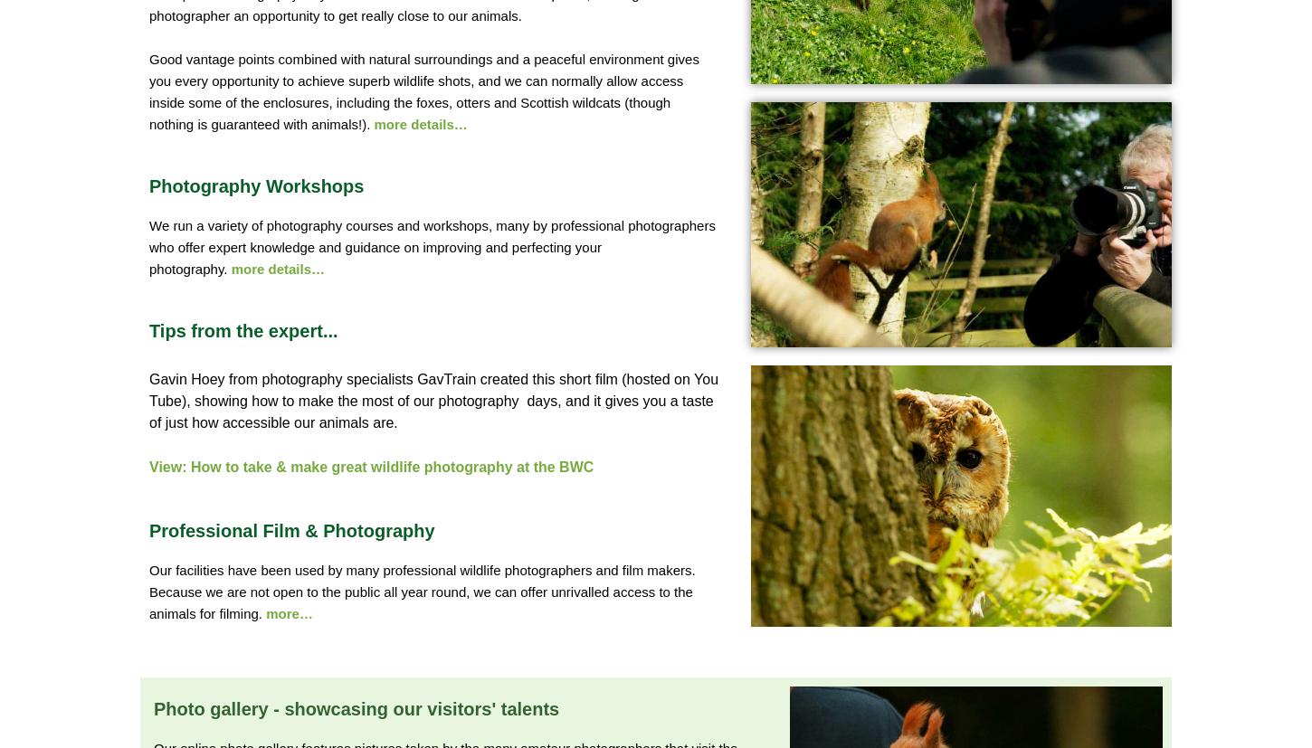 The image size is (1312, 748). What do you see at coordinates (423, 90) in the screenshot?
I see `'Good vantage points combined with natural surroundings and a peaceful environment gives you every opportunity to achieve superb wildlife shots, and we can normally allow access inside some of the enclosures, including the foxes, otters and Scottish wildcats (though nothing is guaranteed with animals!).'` at bounding box center [423, 90].